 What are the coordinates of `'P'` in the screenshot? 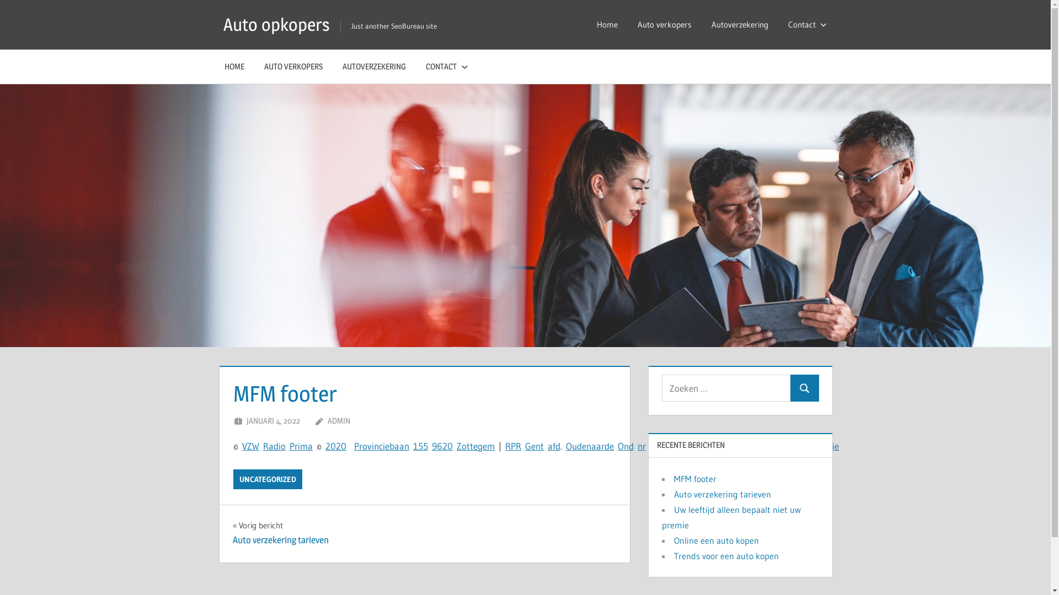 It's located at (354, 445).